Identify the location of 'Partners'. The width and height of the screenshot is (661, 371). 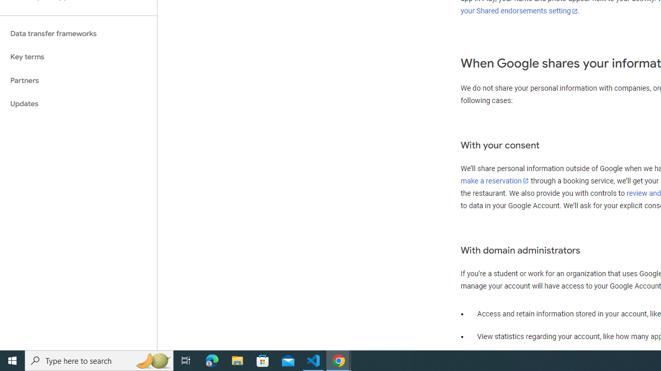
(78, 80).